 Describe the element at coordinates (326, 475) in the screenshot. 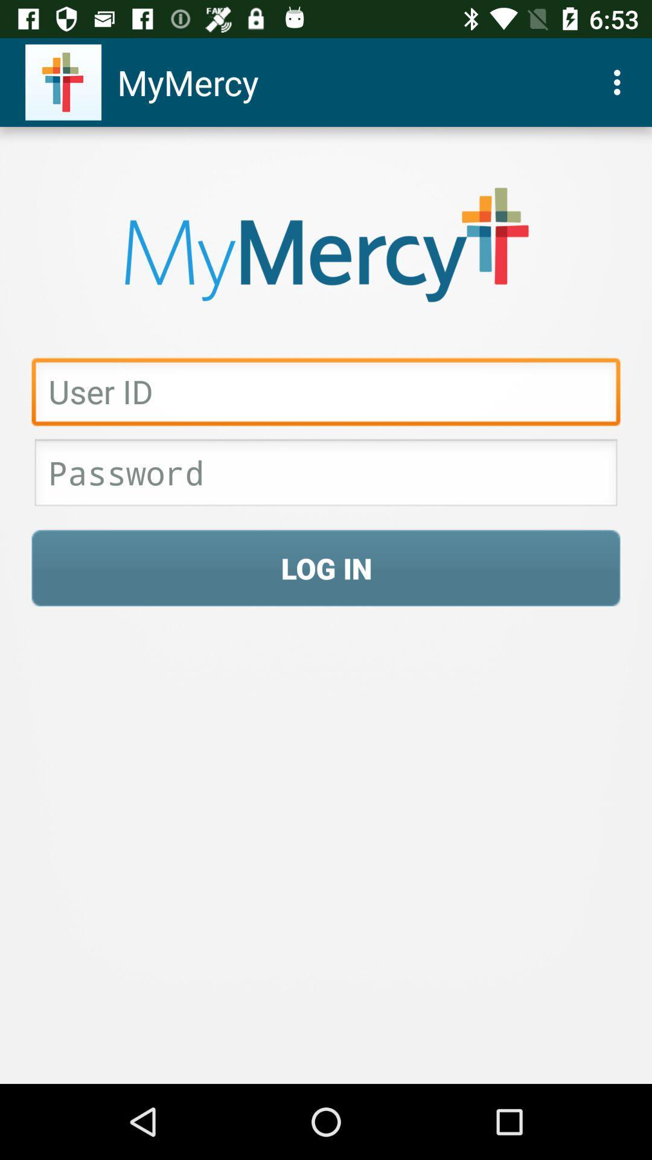

I see `icon above log in` at that location.